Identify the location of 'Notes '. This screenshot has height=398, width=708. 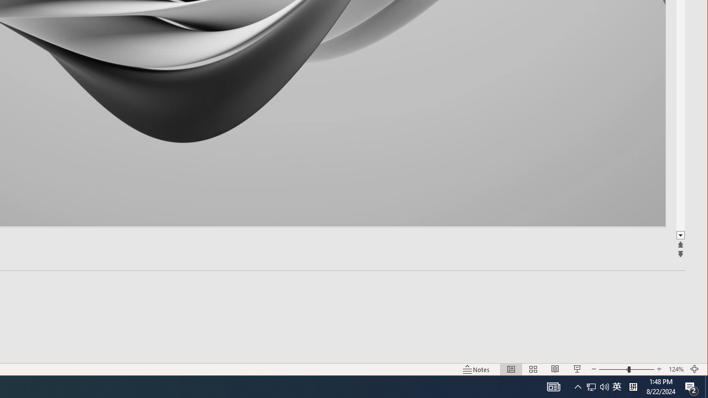
(476, 369).